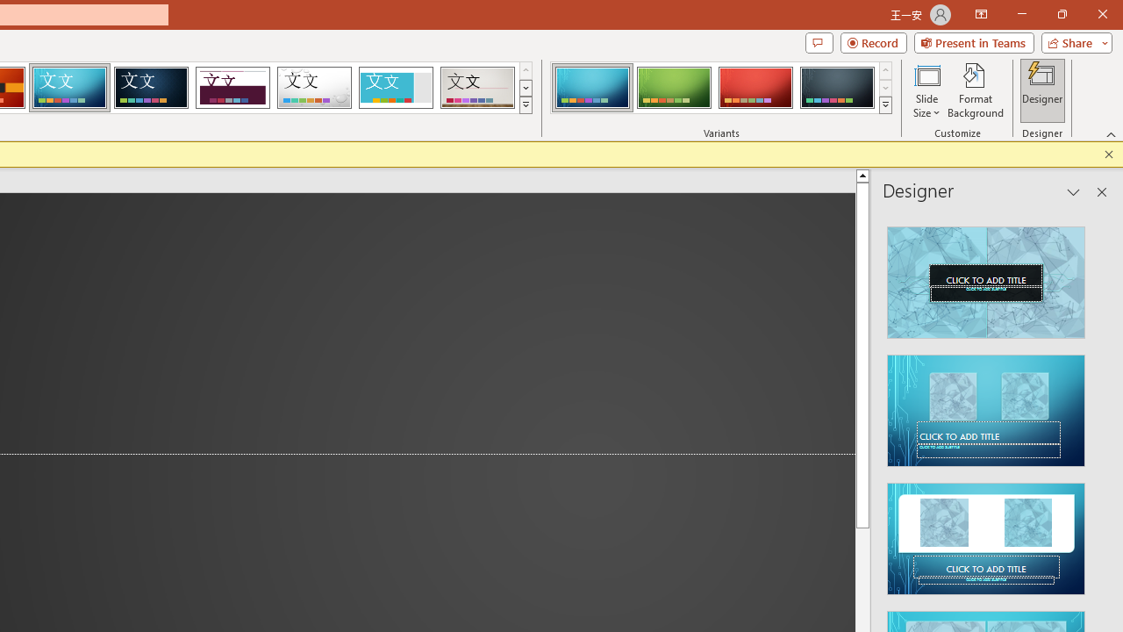 The height and width of the screenshot is (632, 1123). Describe the element at coordinates (151, 88) in the screenshot. I see `'Damask'` at that location.